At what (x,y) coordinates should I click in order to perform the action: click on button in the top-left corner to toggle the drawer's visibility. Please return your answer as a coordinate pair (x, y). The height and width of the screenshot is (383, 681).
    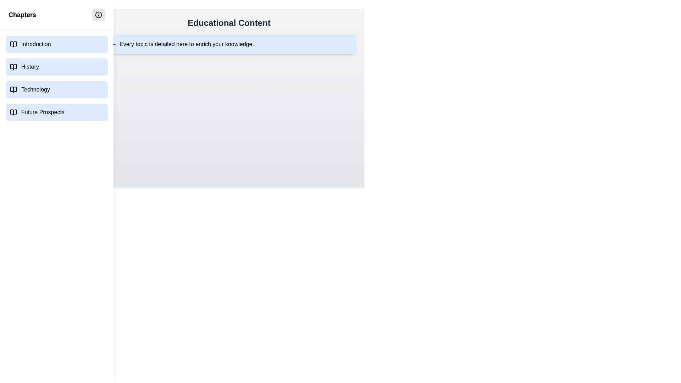
    Looking at the image, I should click on (14, 14).